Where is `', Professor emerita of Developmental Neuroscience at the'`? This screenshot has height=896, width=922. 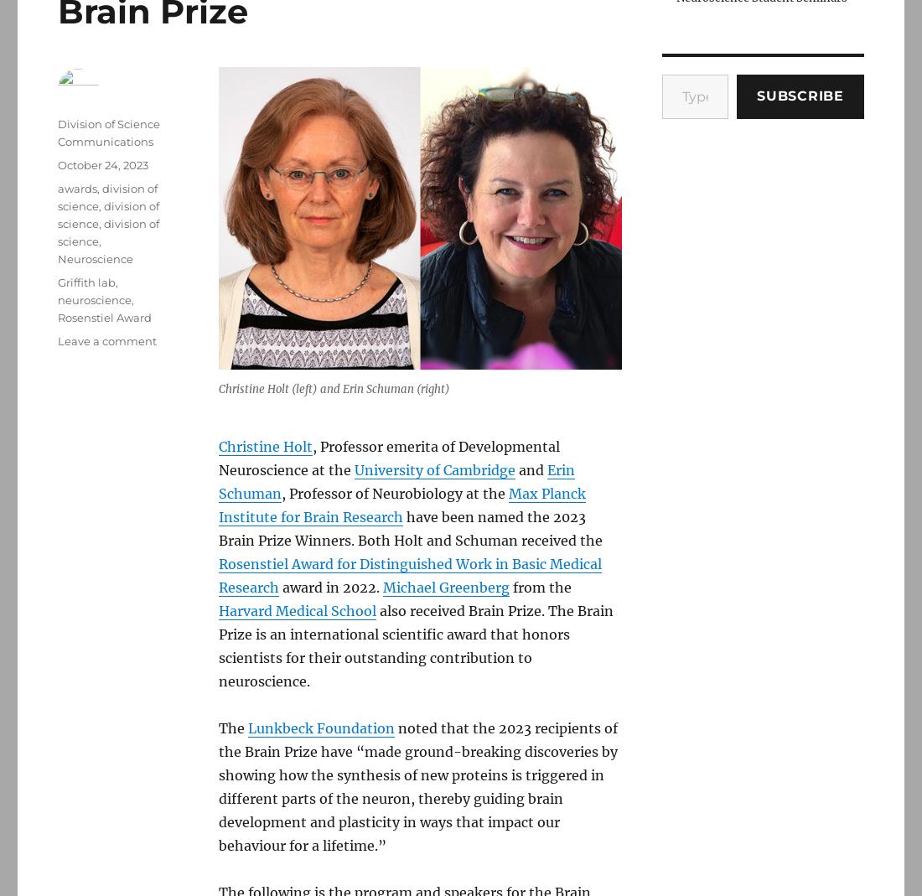
', Professor emerita of Developmental Neuroscience at the' is located at coordinates (388, 458).